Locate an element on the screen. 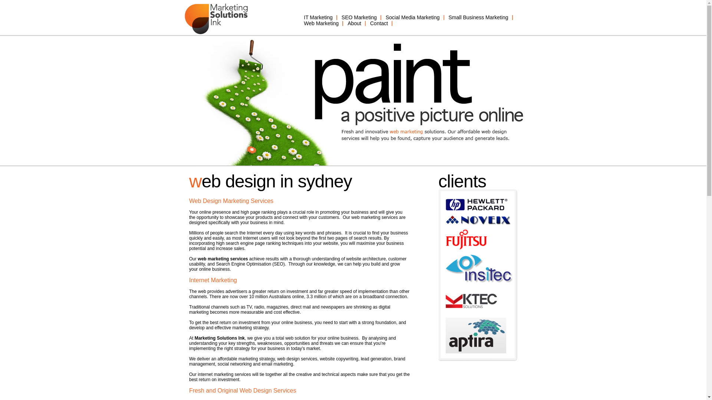 The height and width of the screenshot is (400, 712). 'Social Media Marketing' is located at coordinates (412, 17).